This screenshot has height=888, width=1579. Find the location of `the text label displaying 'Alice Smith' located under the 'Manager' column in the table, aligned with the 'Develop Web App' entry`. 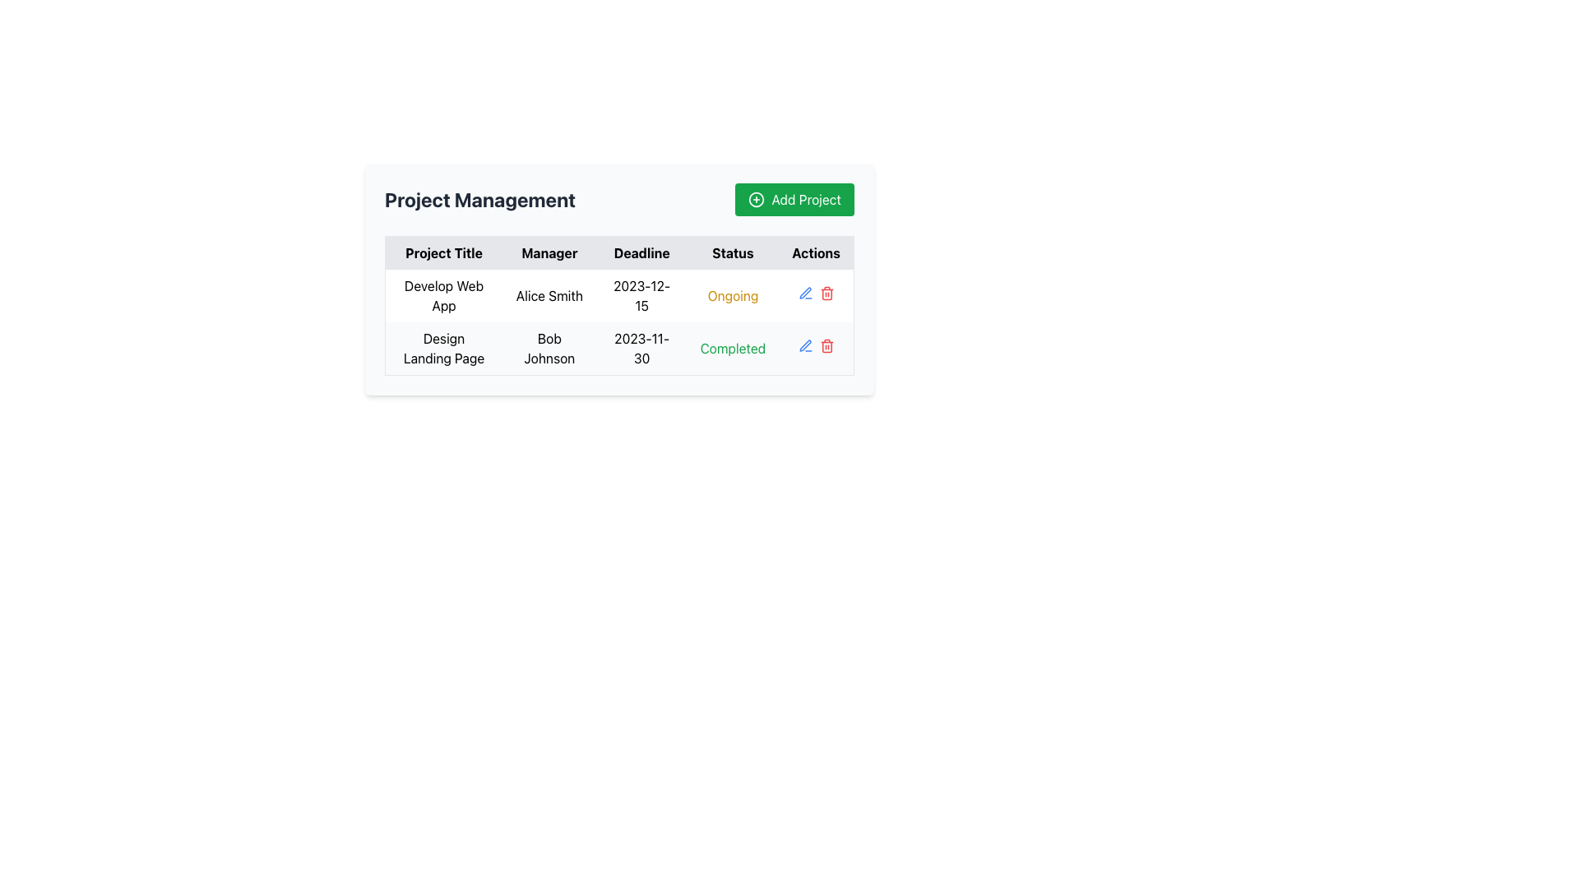

the text label displaying 'Alice Smith' located under the 'Manager' column in the table, aligned with the 'Develop Web App' entry is located at coordinates (549, 294).